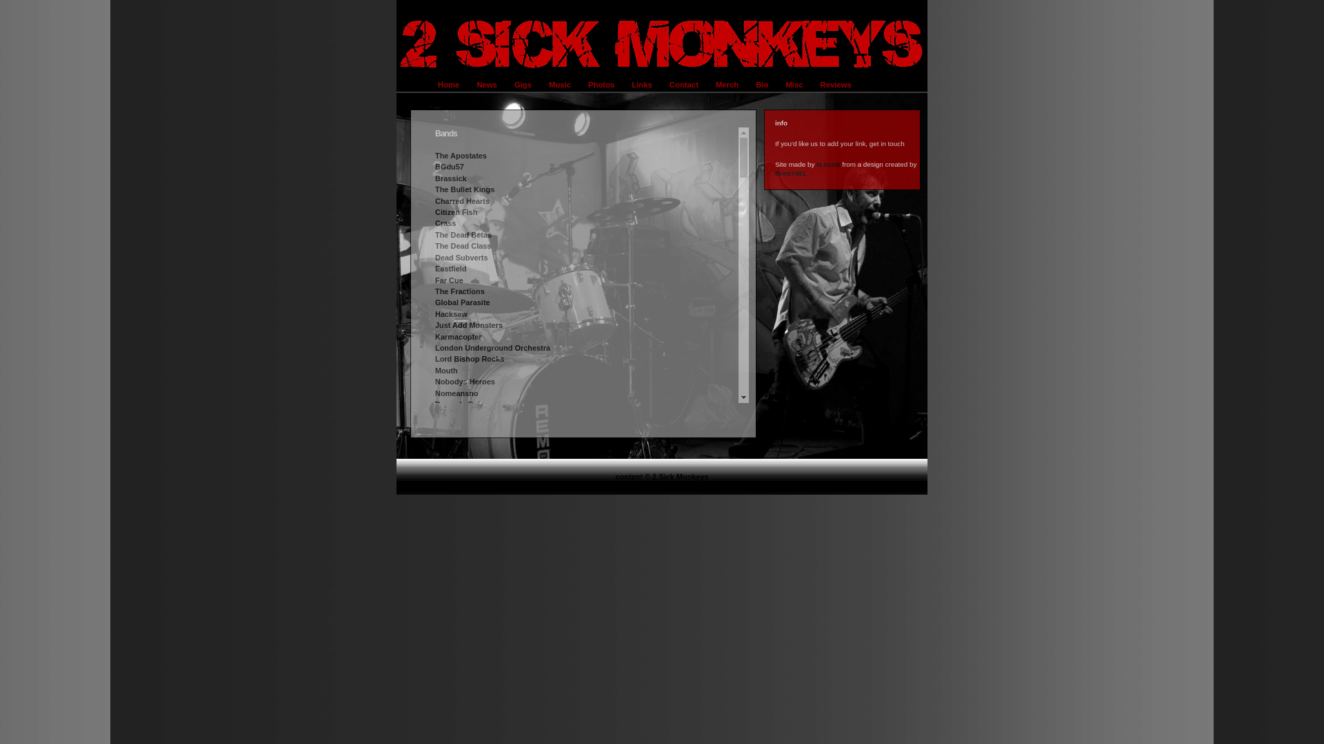  I want to click on 'Rockit Dolls', so click(457, 460).